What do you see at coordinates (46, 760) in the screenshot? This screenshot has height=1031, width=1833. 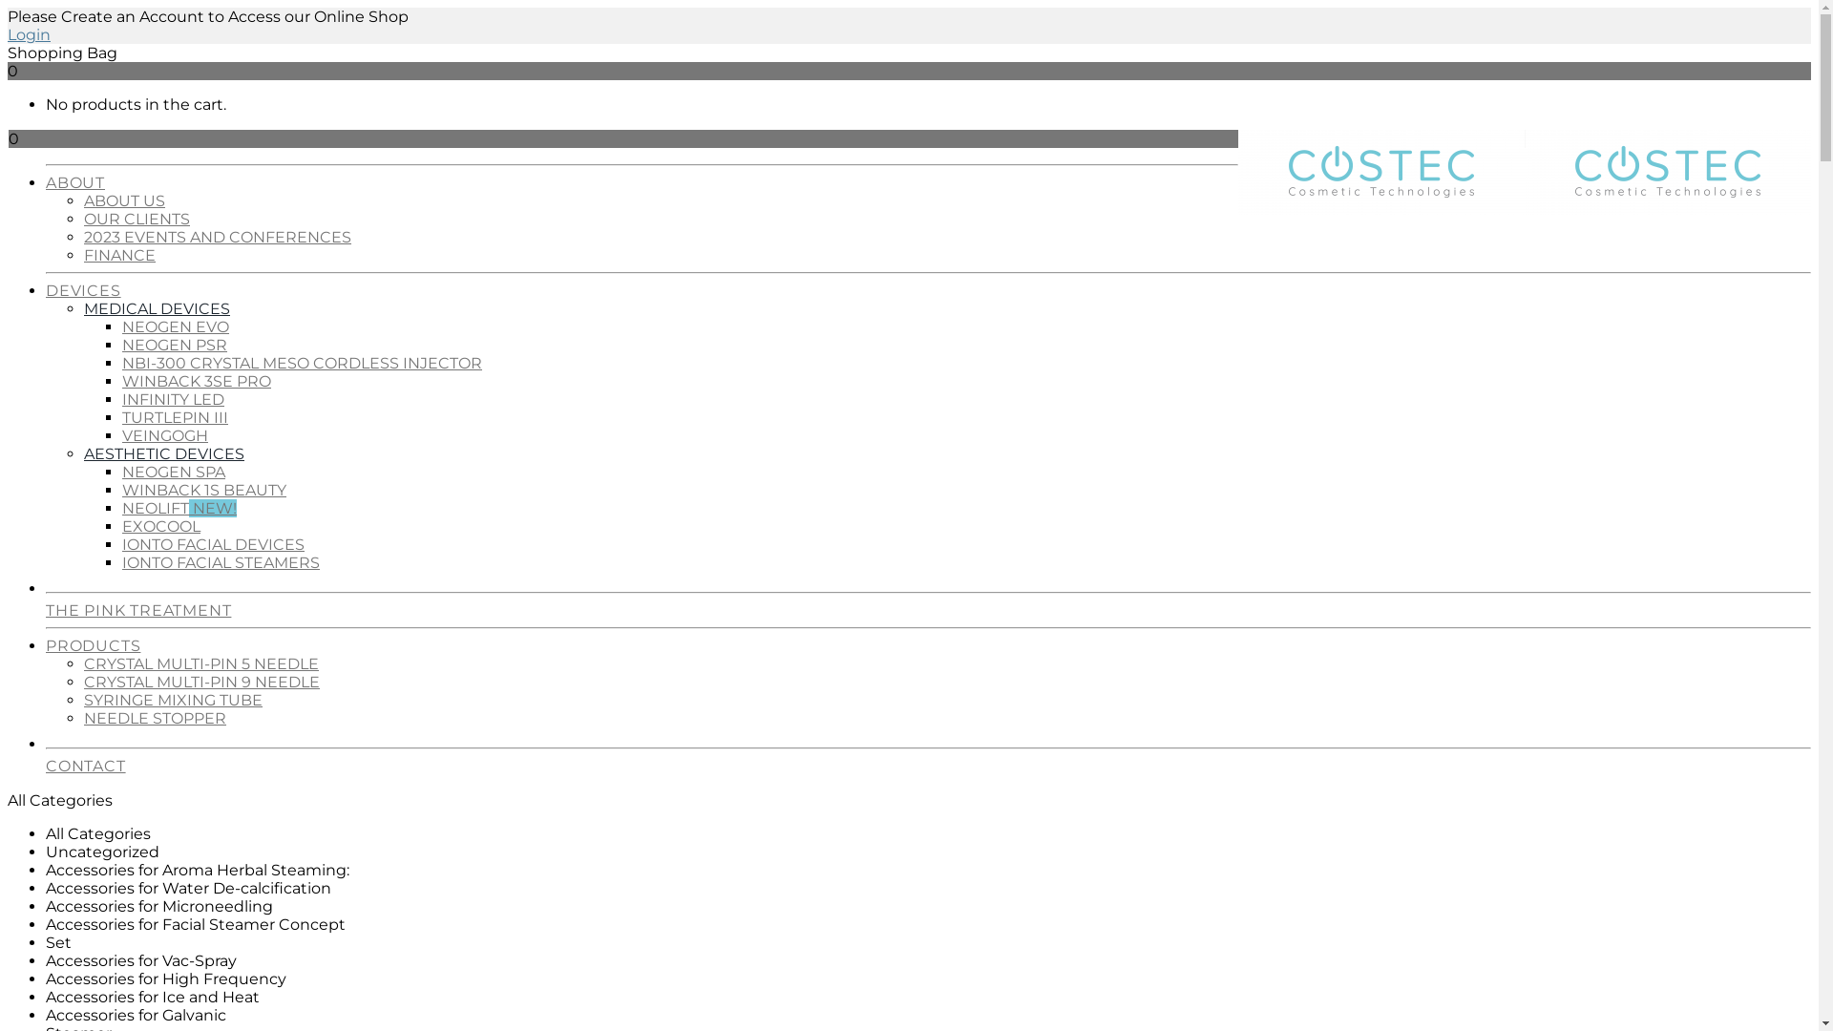 I see `'CONTACT'` at bounding box center [46, 760].